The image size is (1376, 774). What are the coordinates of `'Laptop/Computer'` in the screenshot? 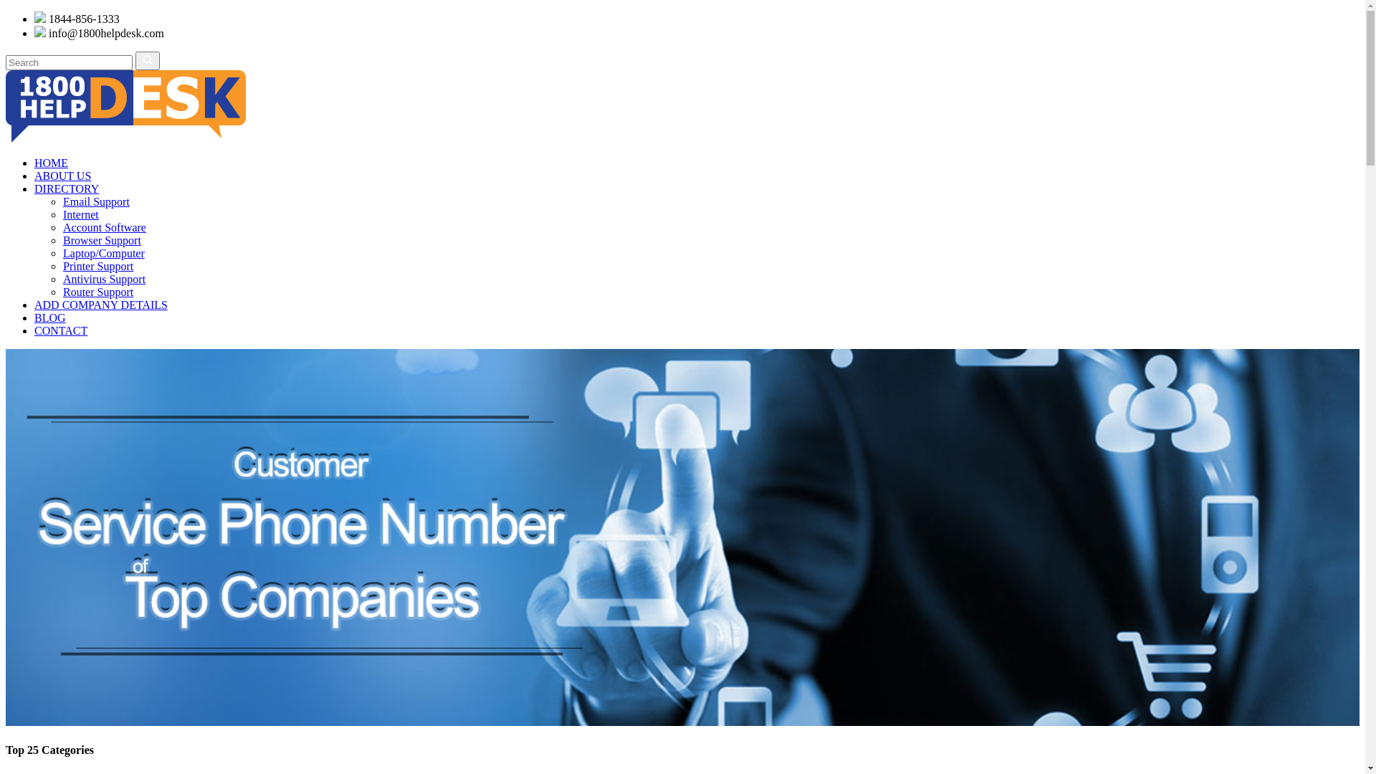 It's located at (102, 252).